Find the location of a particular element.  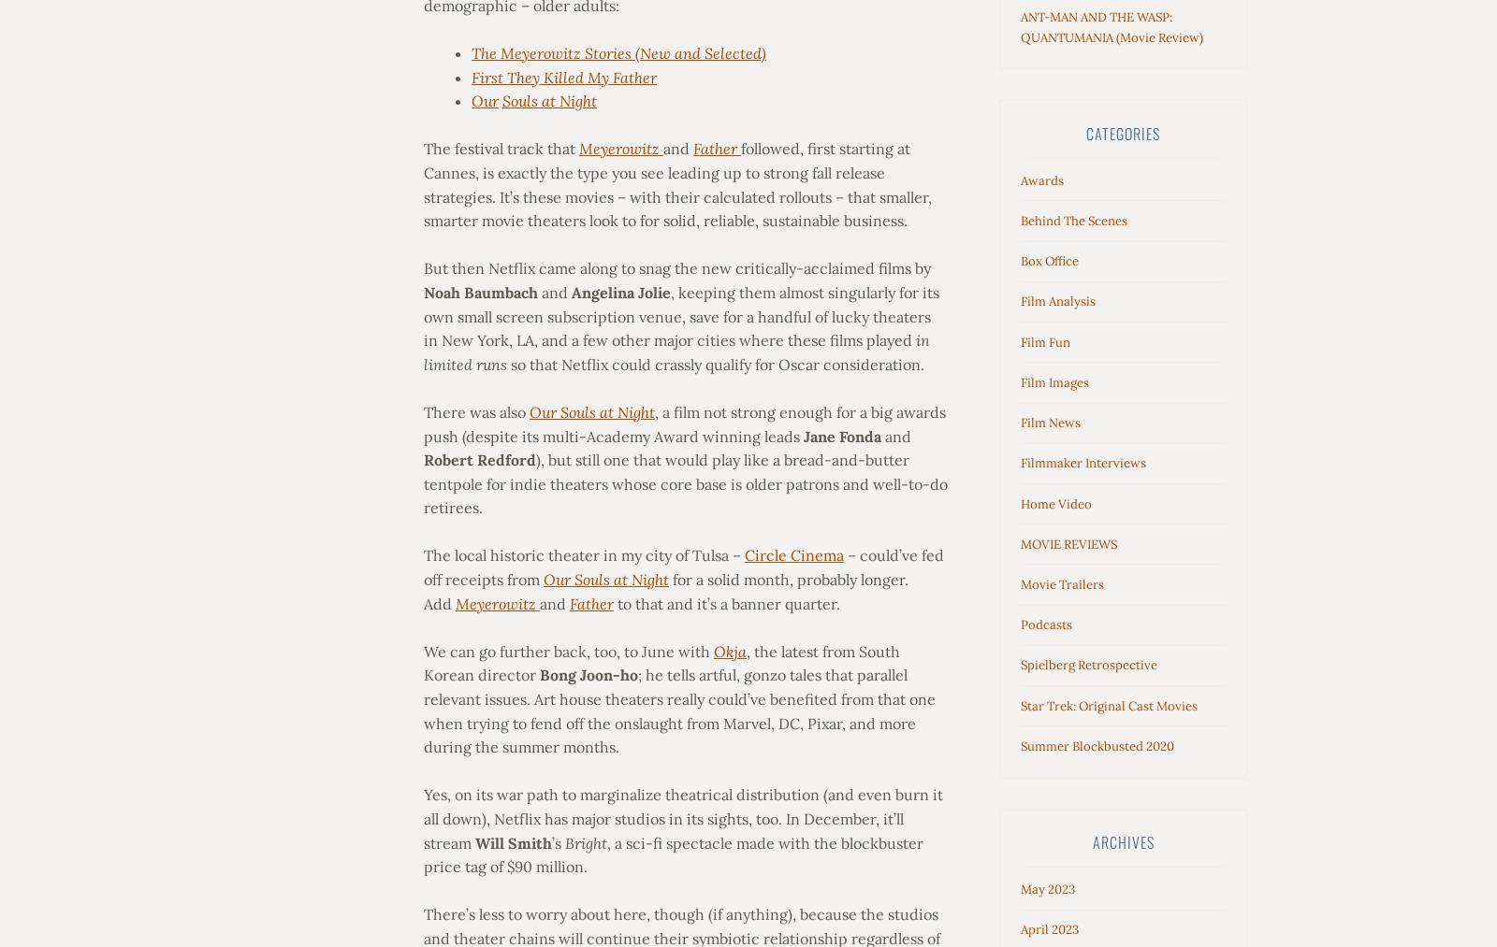

'to that and it’s a banner quarter.' is located at coordinates (726, 601).